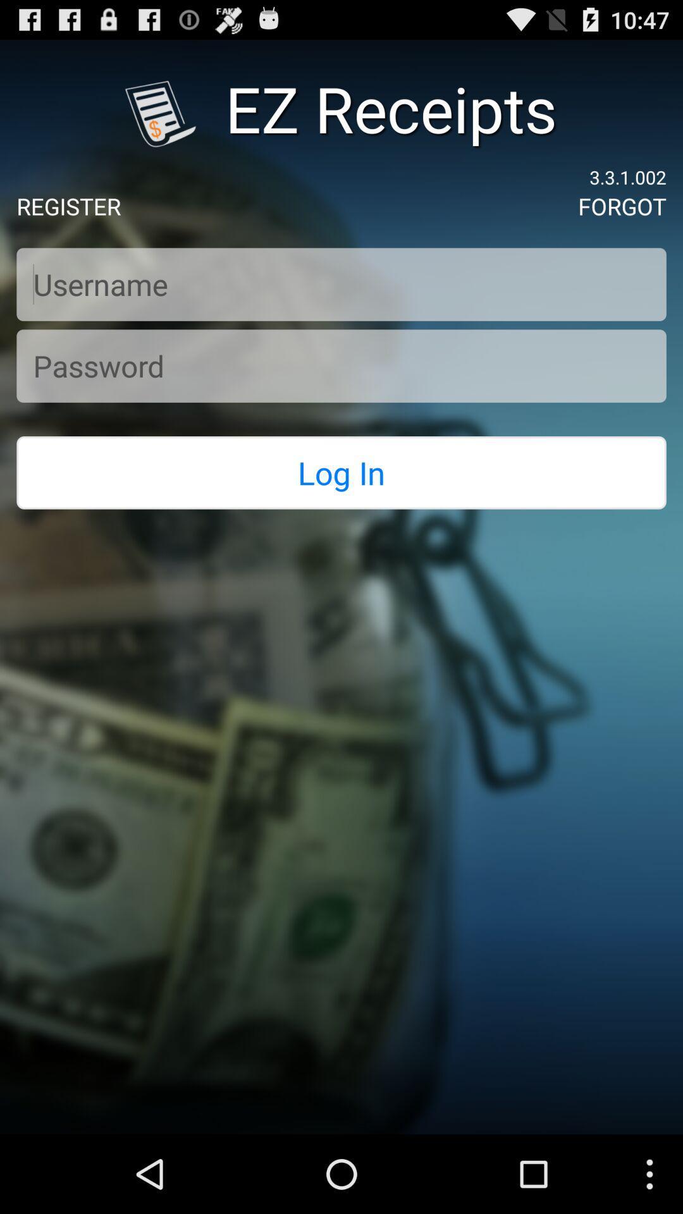  I want to click on item below 3 3 1 icon, so click(621, 206).